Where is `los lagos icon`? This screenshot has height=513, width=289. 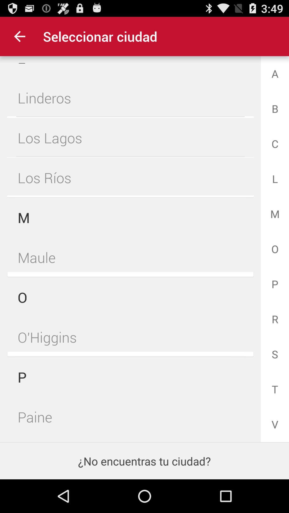 los lagos icon is located at coordinates (130, 138).